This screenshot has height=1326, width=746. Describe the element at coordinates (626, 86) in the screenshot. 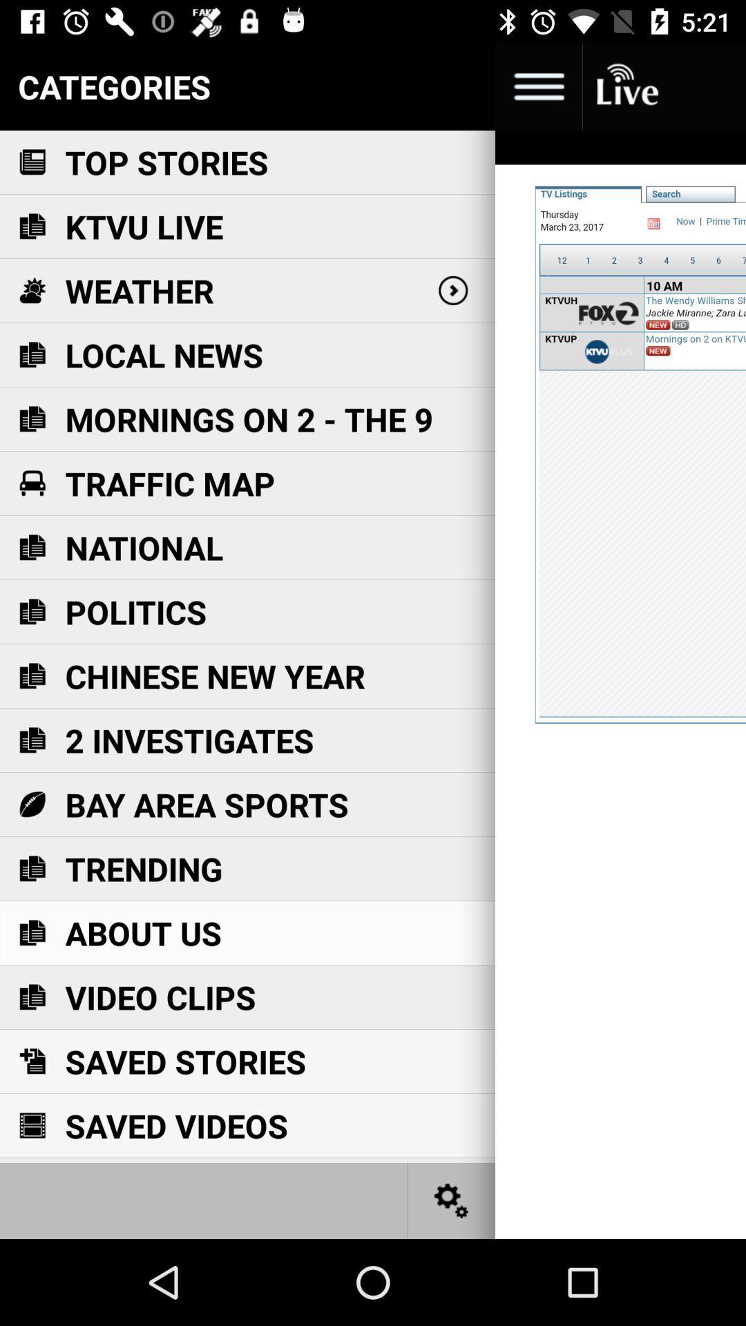

I see `go live` at that location.